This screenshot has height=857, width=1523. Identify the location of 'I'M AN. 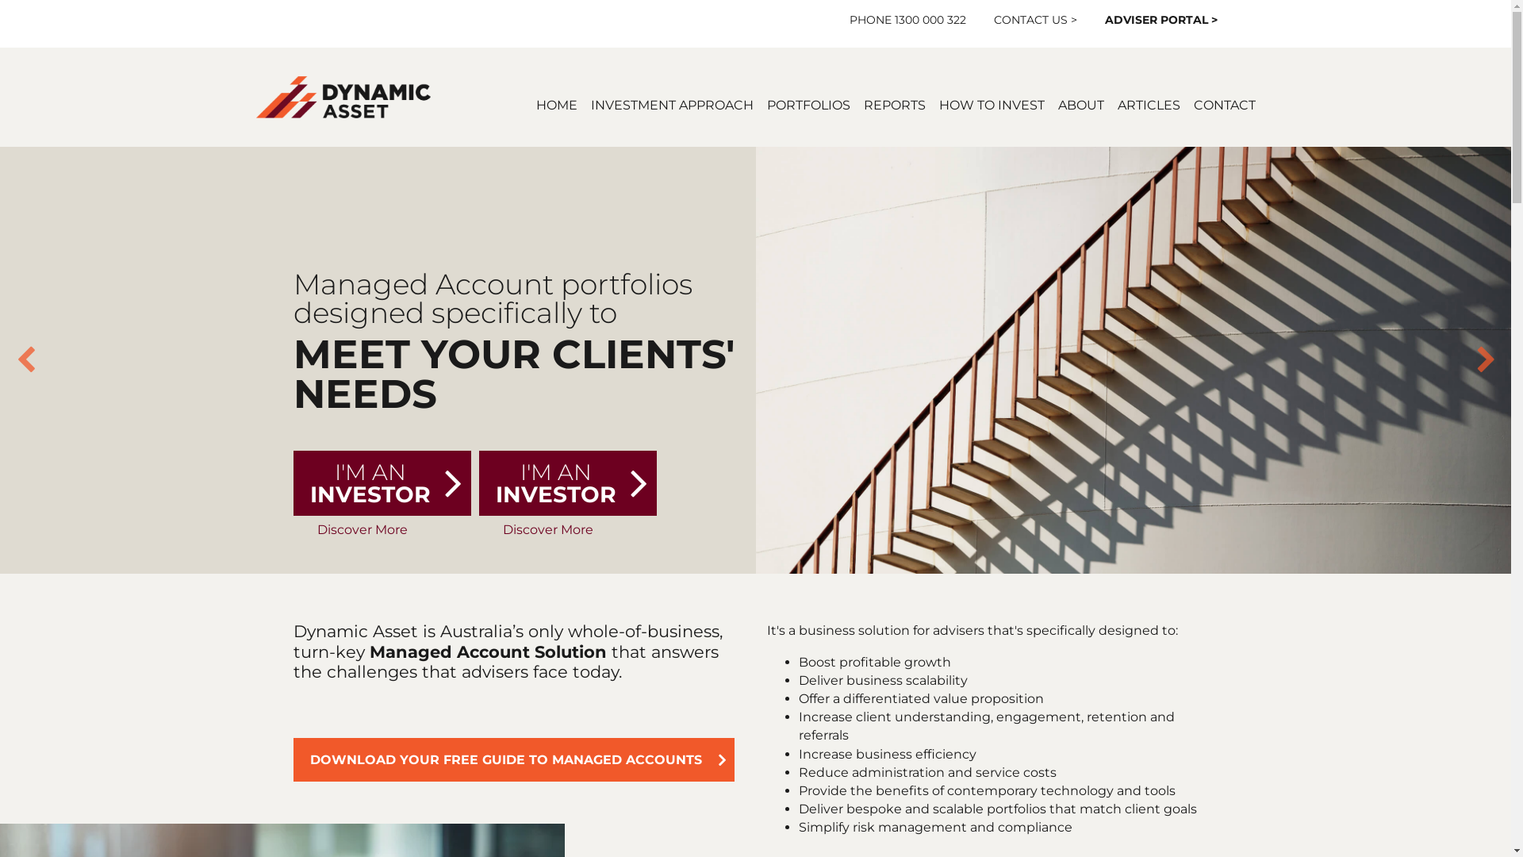
(567, 482).